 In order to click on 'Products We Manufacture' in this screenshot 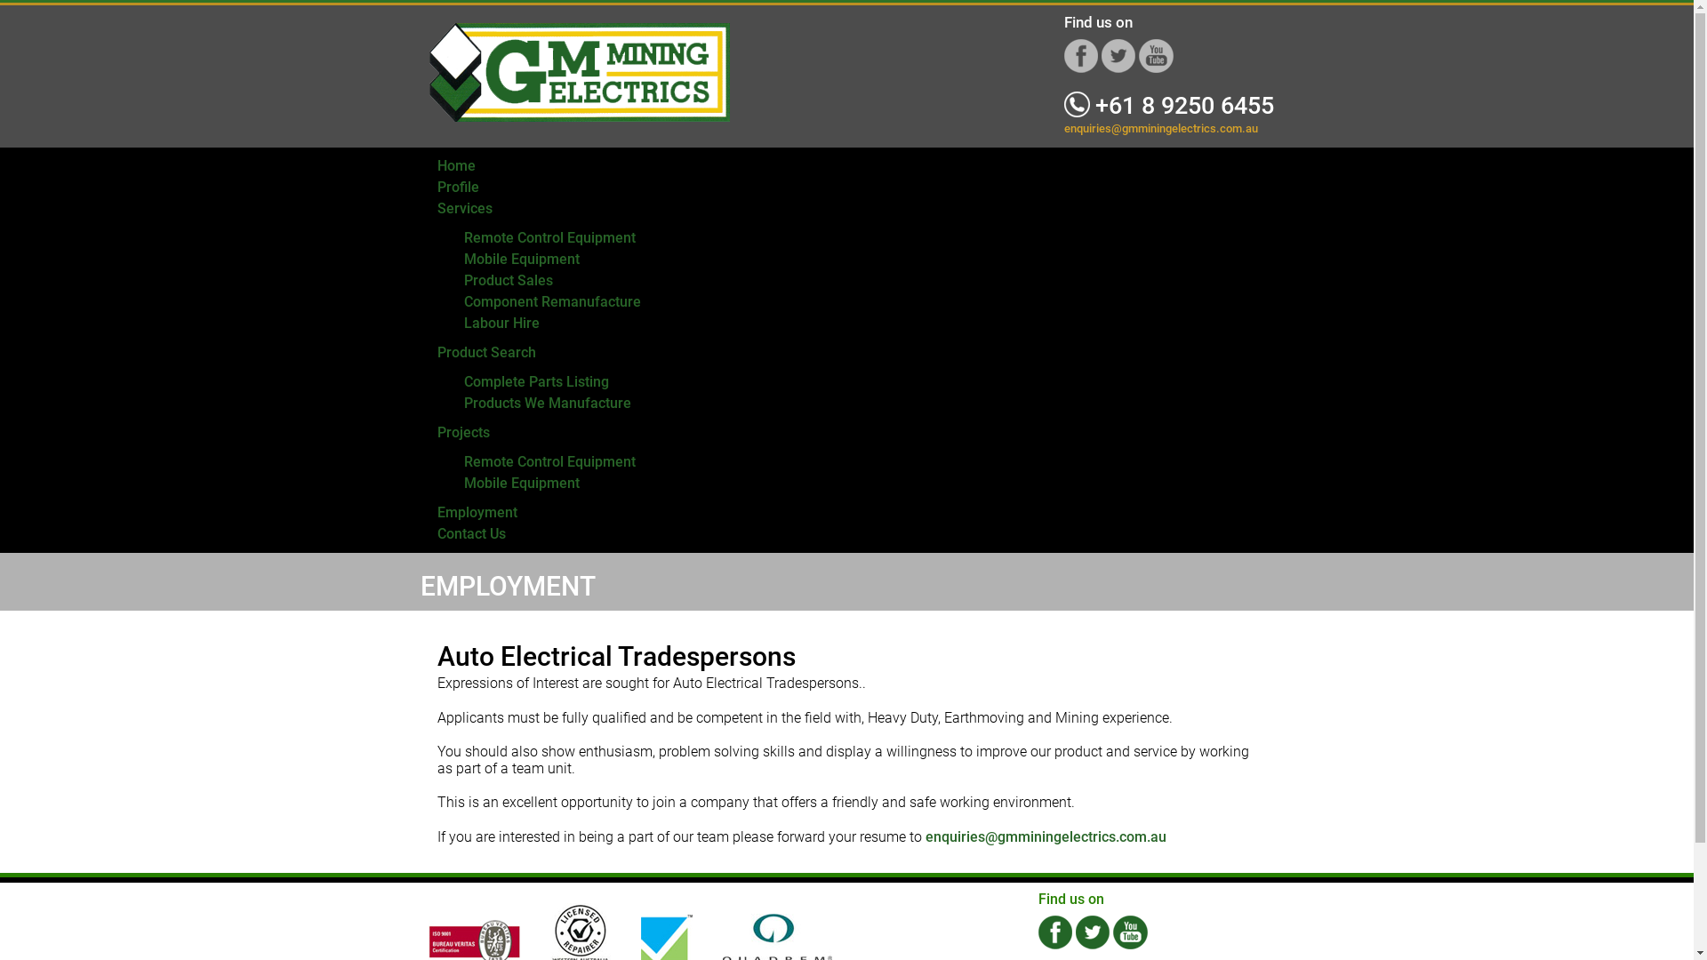, I will do `click(546, 403)`.